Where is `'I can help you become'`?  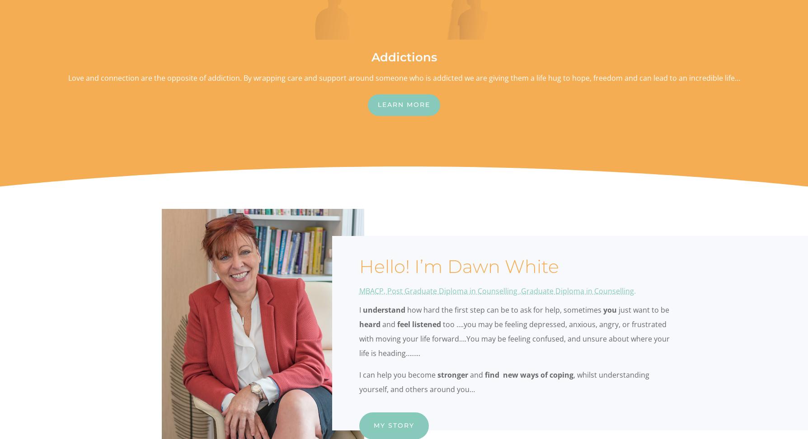
'I can help you become' is located at coordinates (397, 374).